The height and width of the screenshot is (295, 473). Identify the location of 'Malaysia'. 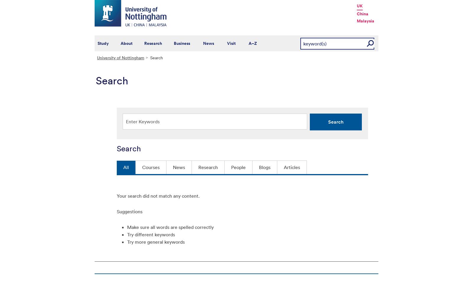
(365, 21).